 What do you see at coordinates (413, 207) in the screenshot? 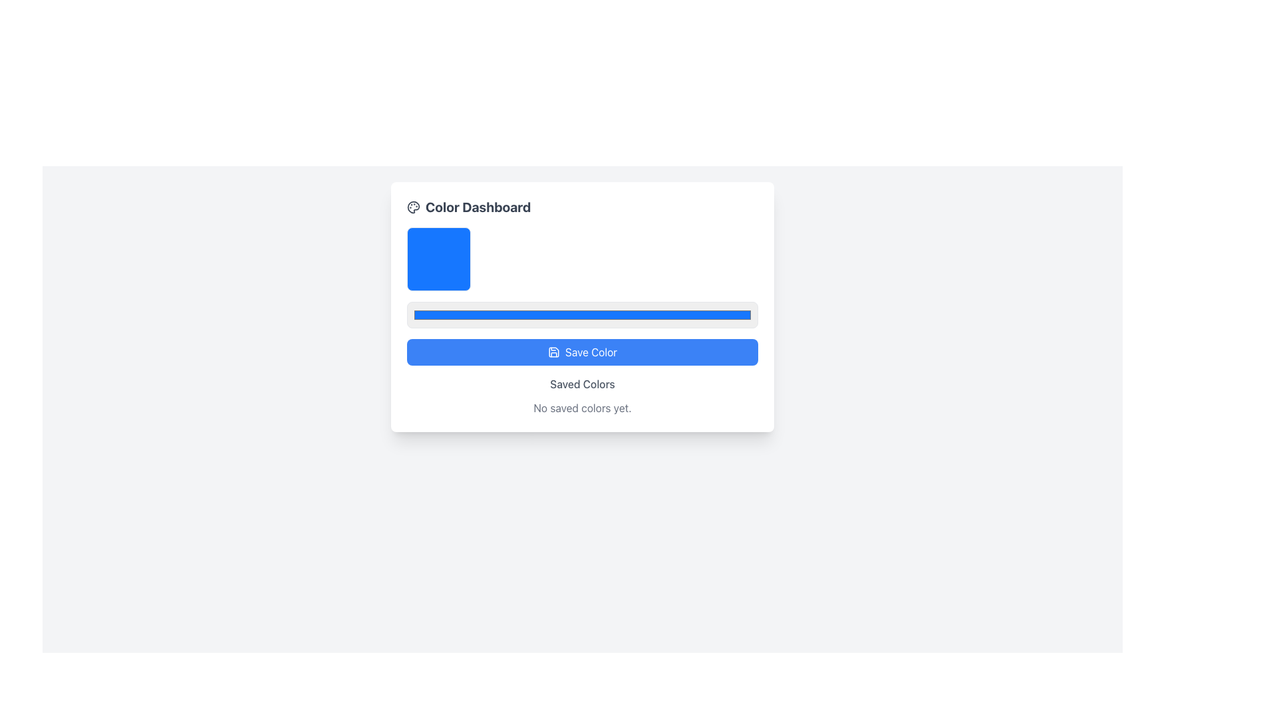
I see `the decorative icon representing the 'Color Dashboard' section, located on the left side of the title` at bounding box center [413, 207].